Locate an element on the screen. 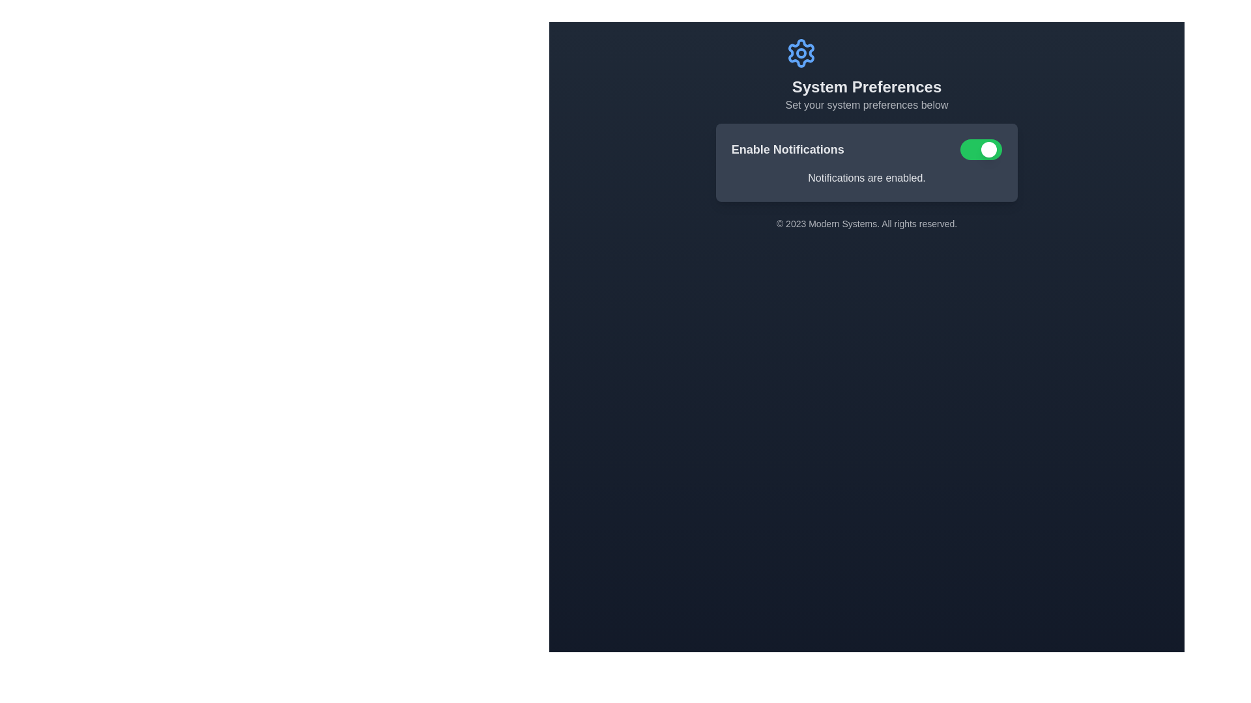 The height and width of the screenshot is (703, 1251). the gear-shaped icon representing settings, which is centrally aligned above the text 'System Preferences' on a dark background is located at coordinates (800, 52).